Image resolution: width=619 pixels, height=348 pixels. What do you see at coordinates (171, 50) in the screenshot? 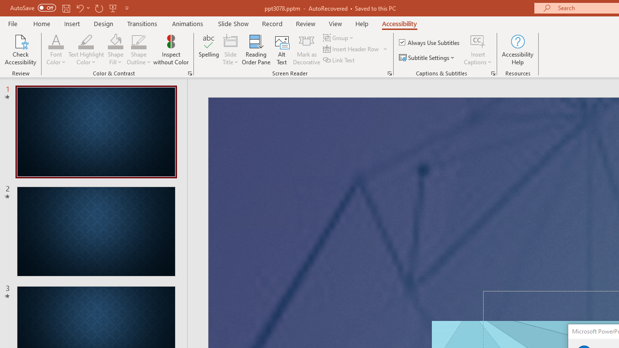
I see `'Inspect without Color'` at bounding box center [171, 50].